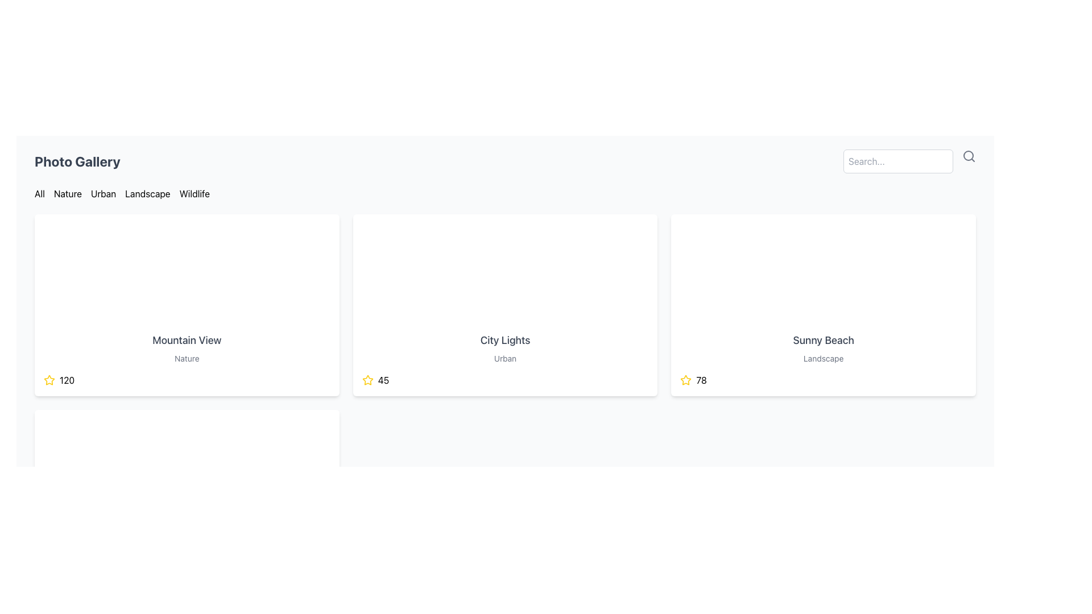  What do you see at coordinates (195, 193) in the screenshot?
I see `the clickable text link labeled 'Wildlife' in the horizontal navigation menu located beneath the 'Photo Gallery' title` at bounding box center [195, 193].